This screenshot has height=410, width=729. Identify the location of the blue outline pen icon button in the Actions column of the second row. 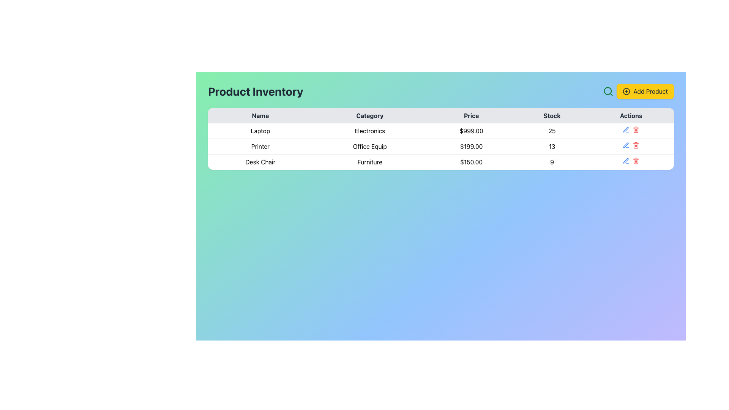
(626, 129).